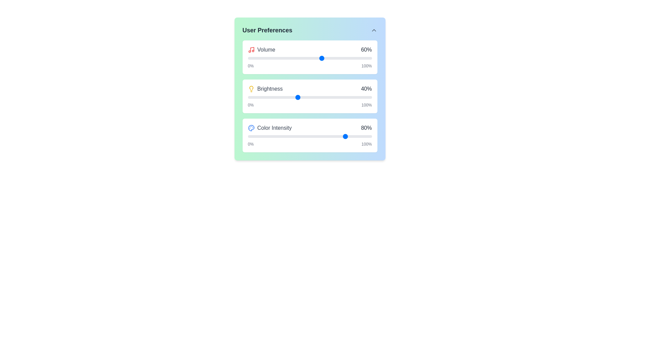 This screenshot has width=647, height=364. What do you see at coordinates (366, 128) in the screenshot?
I see `the text label indicating the current percentage of the color intensity setting in the 'Color Intensity' section of the 'User Preferences' settings panel` at bounding box center [366, 128].